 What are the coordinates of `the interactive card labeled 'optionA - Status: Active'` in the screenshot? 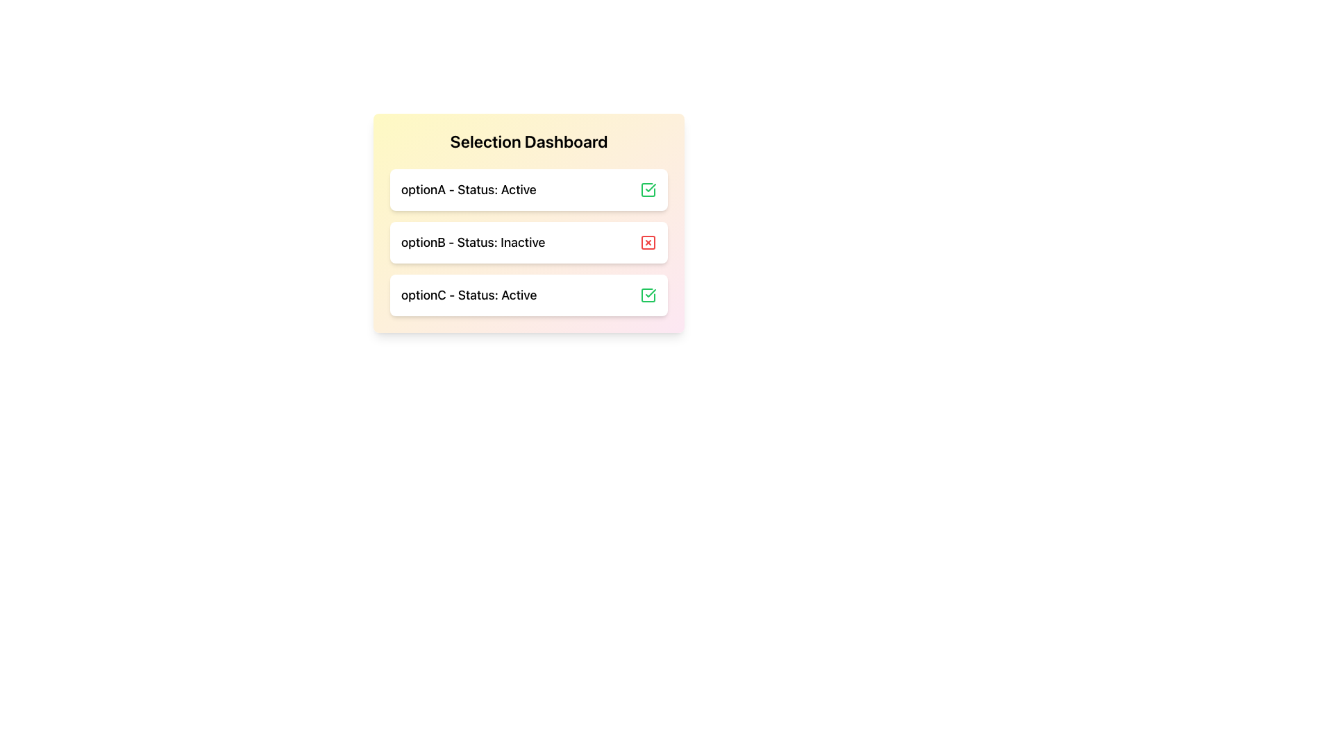 It's located at (528, 189).